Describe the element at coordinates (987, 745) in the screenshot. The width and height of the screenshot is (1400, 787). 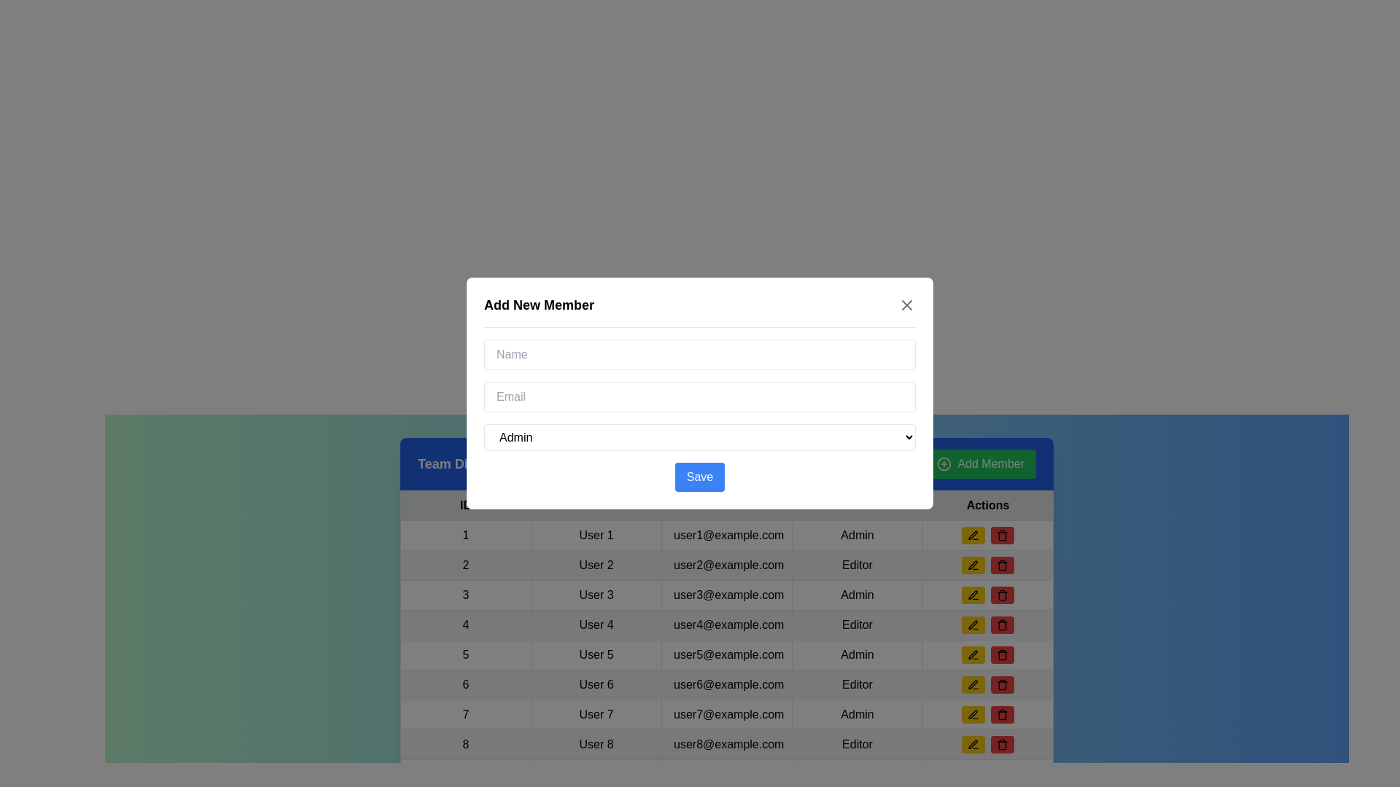
I see `the interactive buttons in the 'Actions' column of the table cell corresponding to 'User 8'` at that location.